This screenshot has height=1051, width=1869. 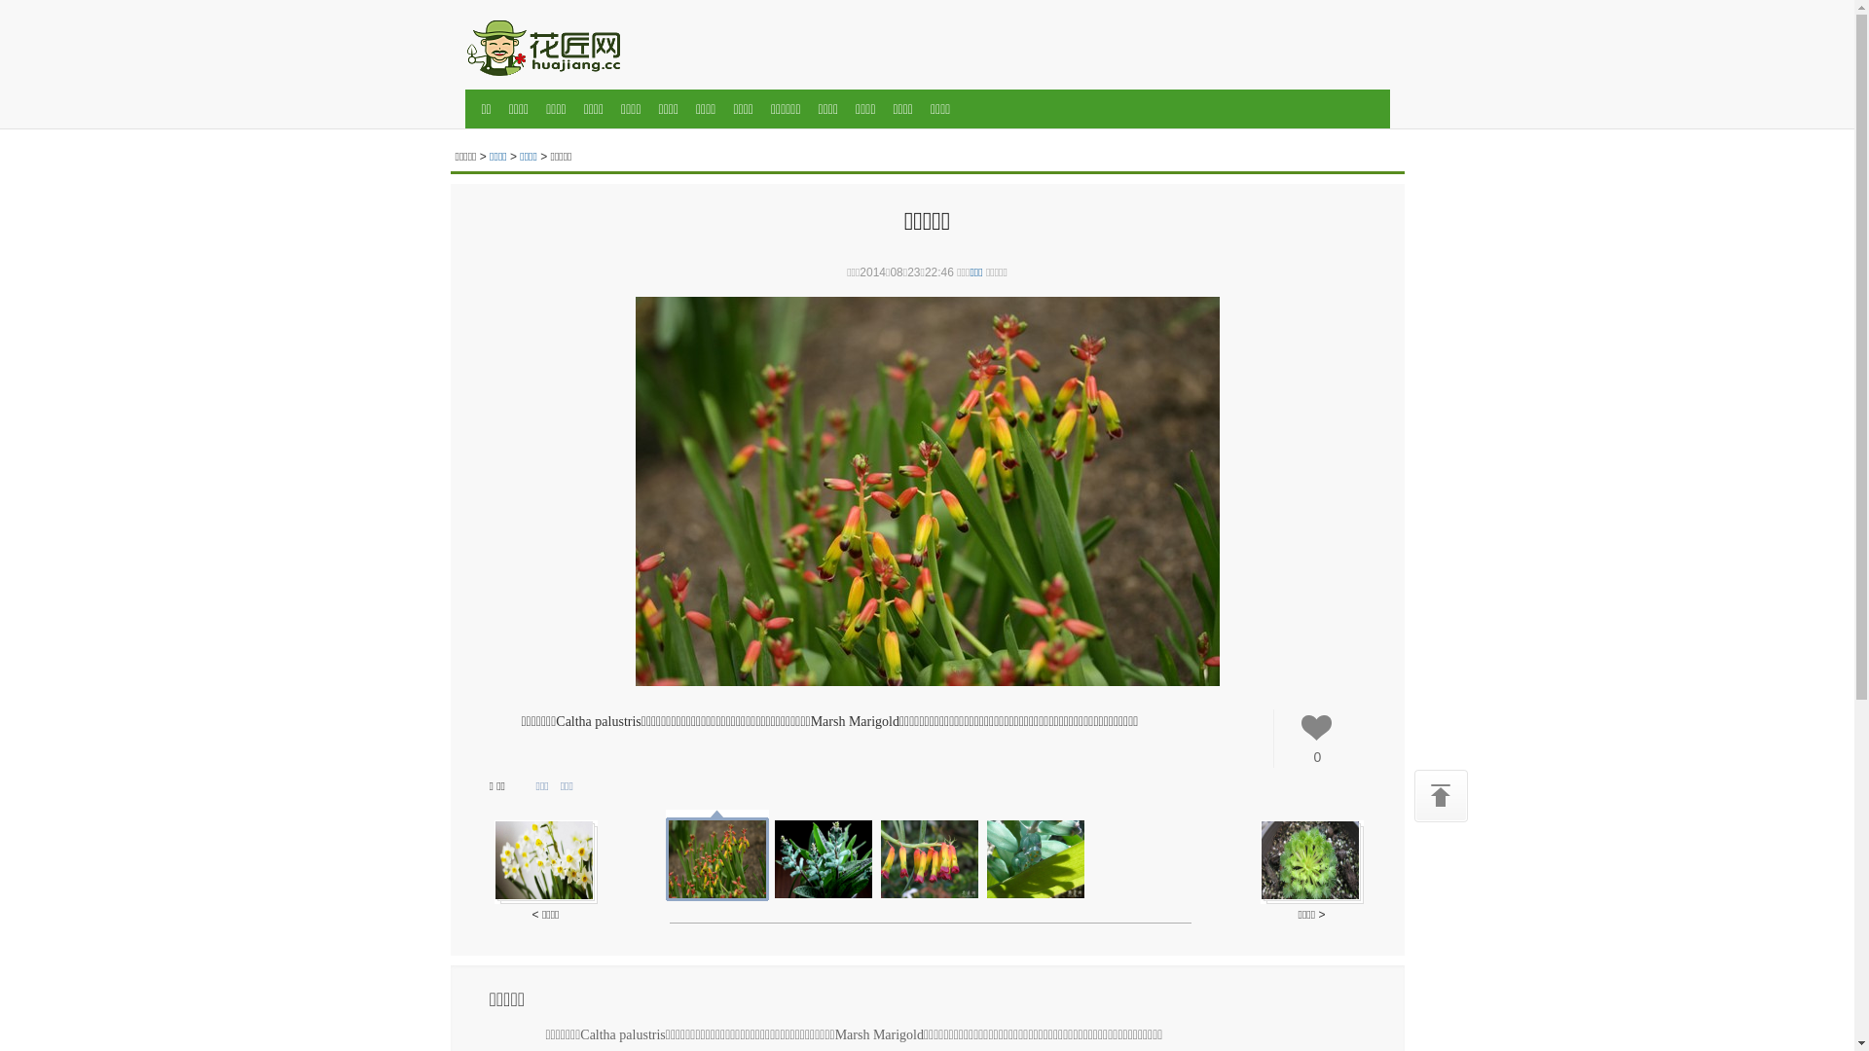 What do you see at coordinates (1317, 743) in the screenshot?
I see `'0'` at bounding box center [1317, 743].